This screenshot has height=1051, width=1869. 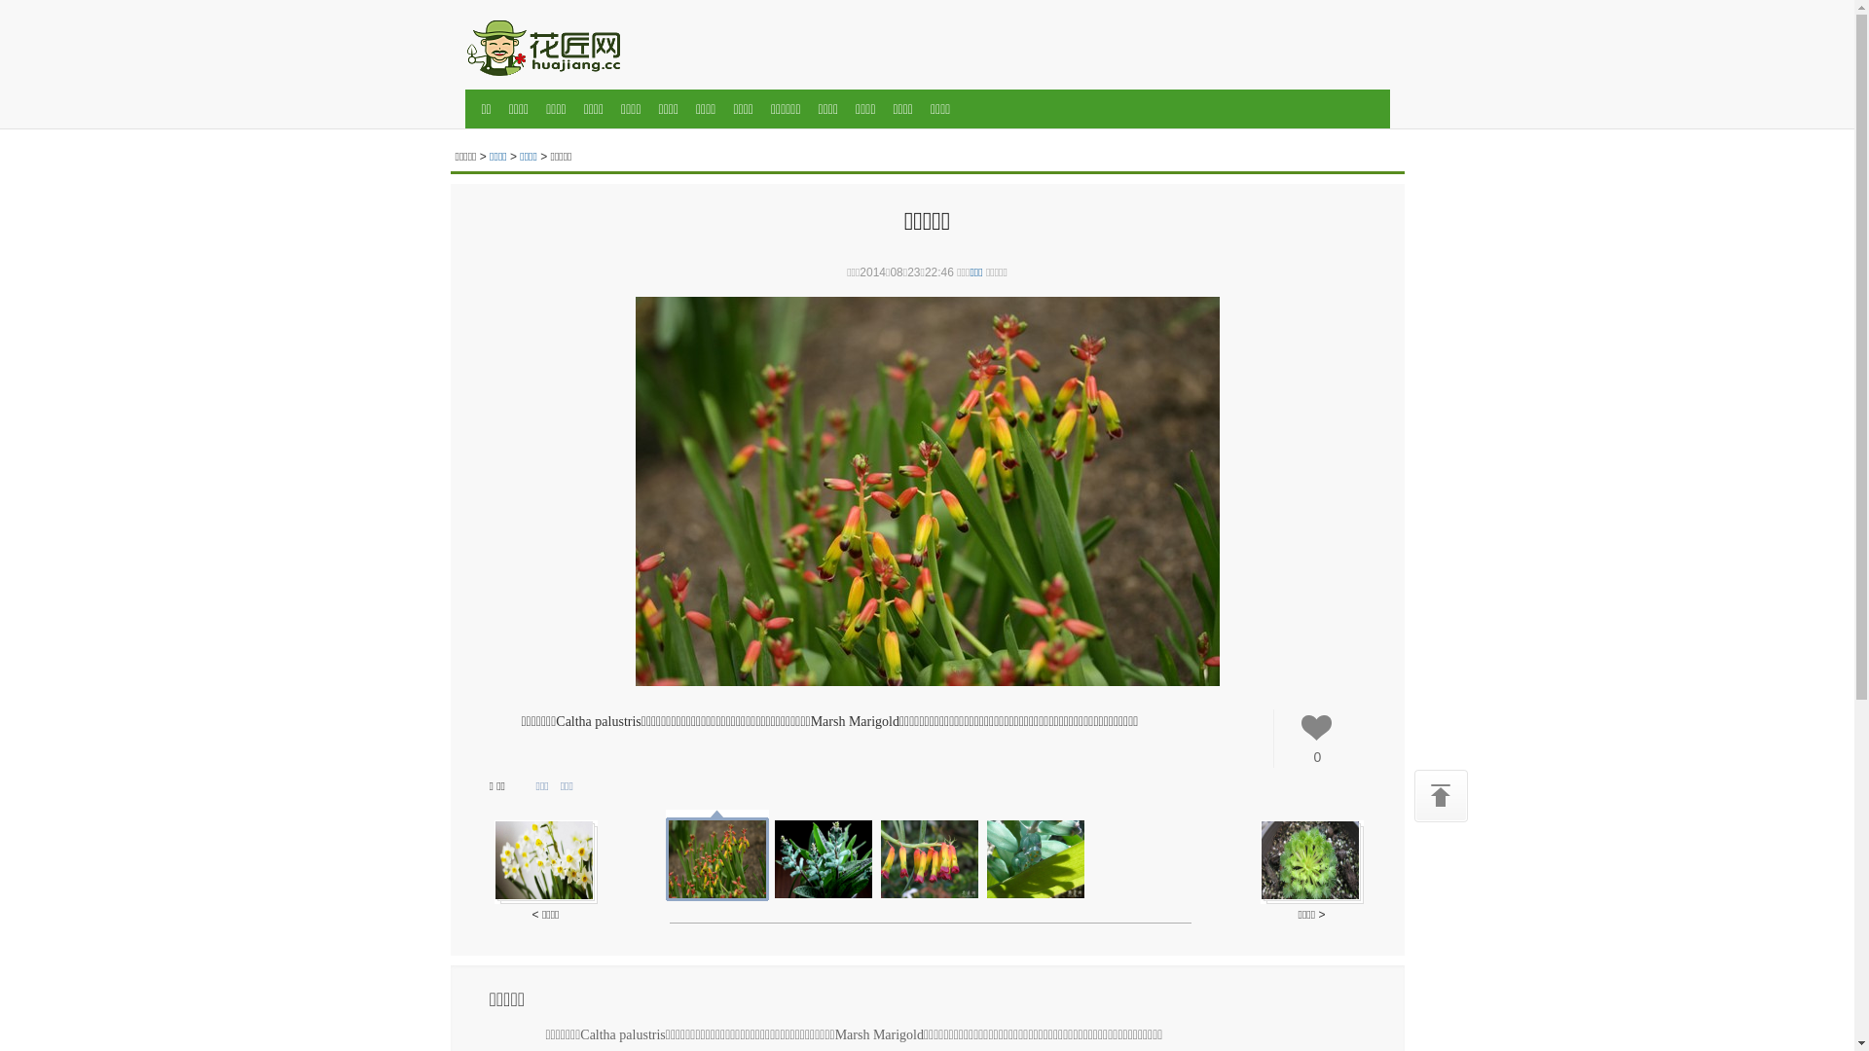 What do you see at coordinates (1317, 743) in the screenshot?
I see `'0'` at bounding box center [1317, 743].